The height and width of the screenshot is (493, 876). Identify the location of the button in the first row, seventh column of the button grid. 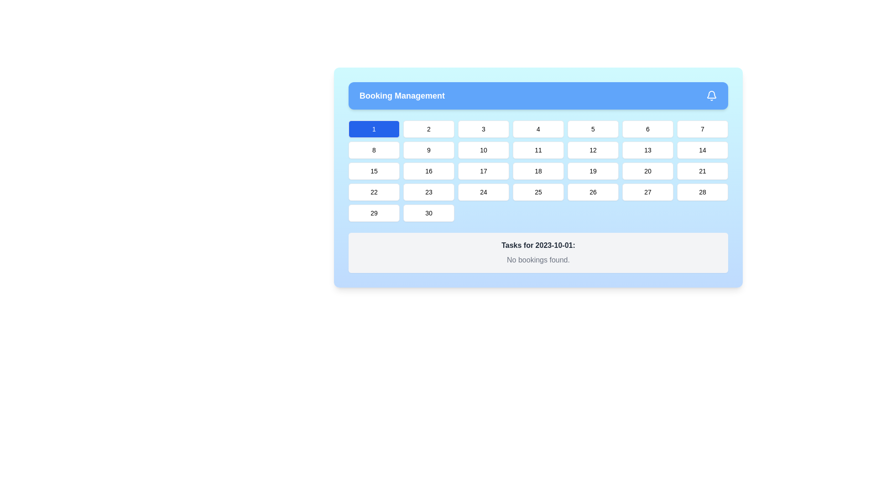
(702, 129).